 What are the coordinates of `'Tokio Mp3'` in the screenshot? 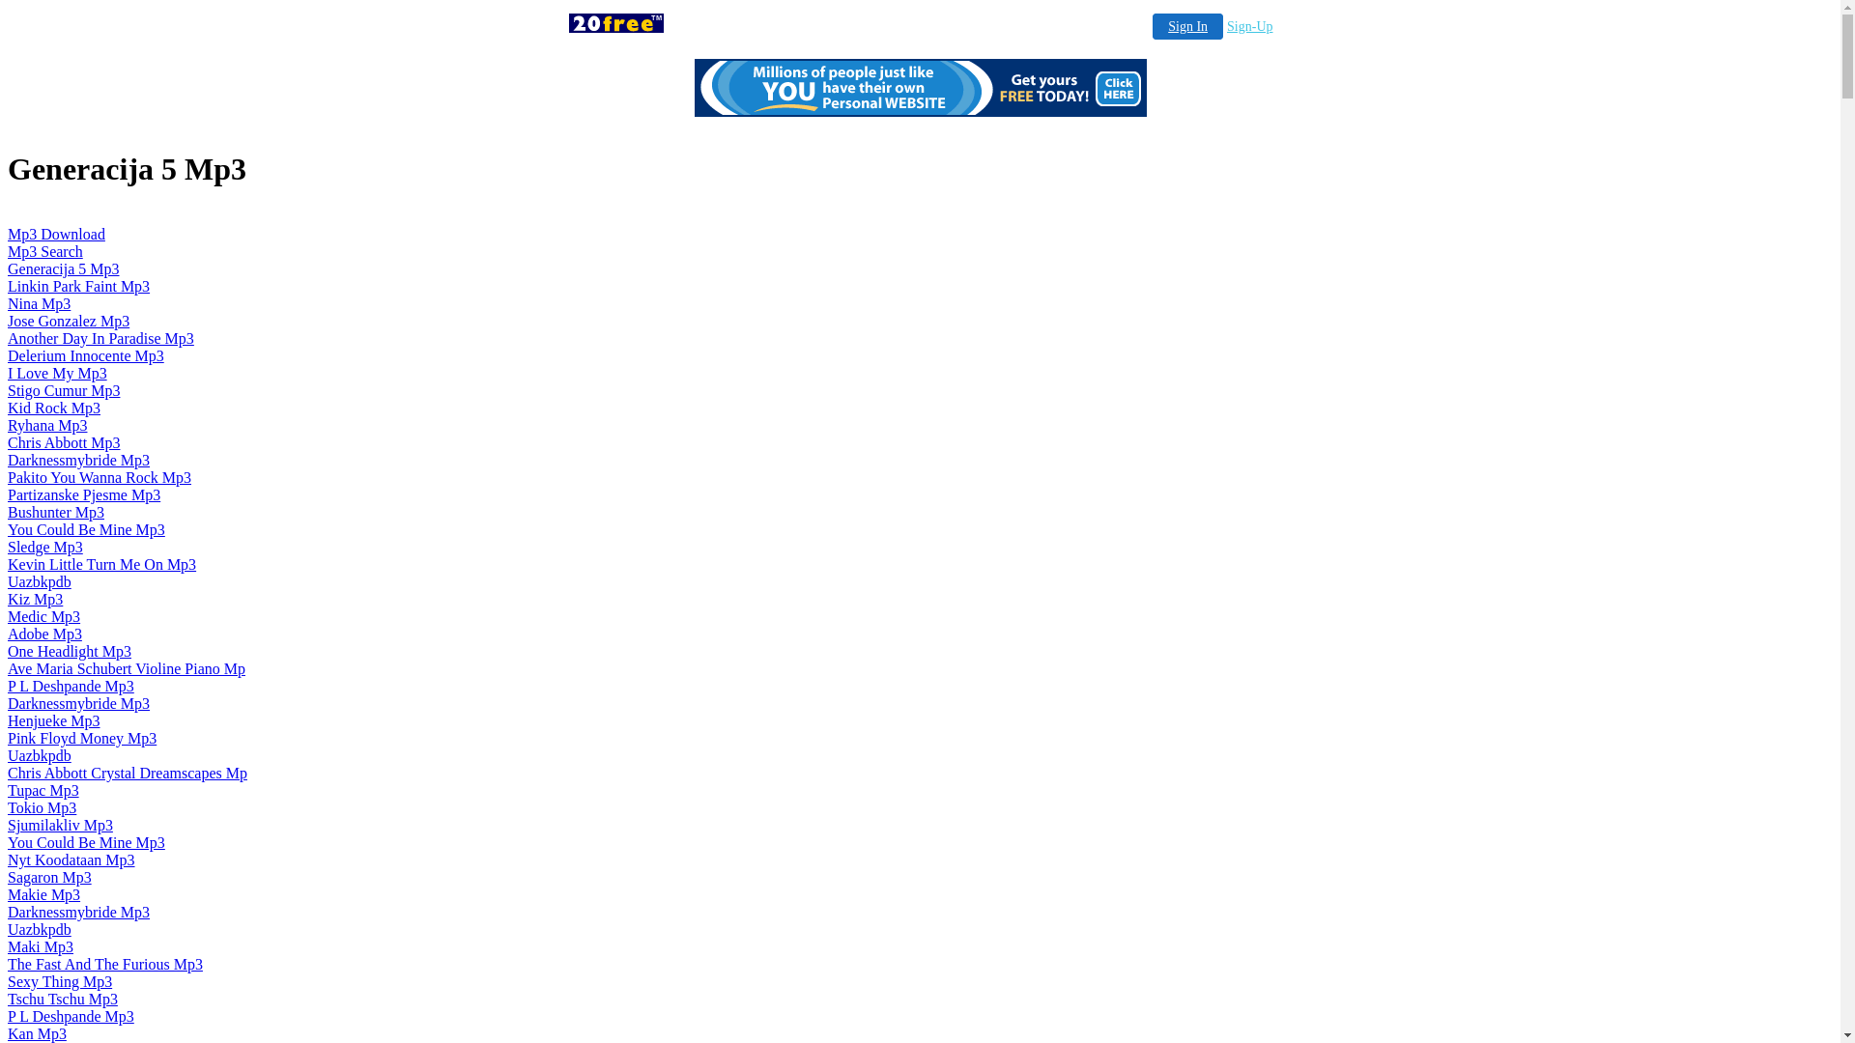 It's located at (42, 807).